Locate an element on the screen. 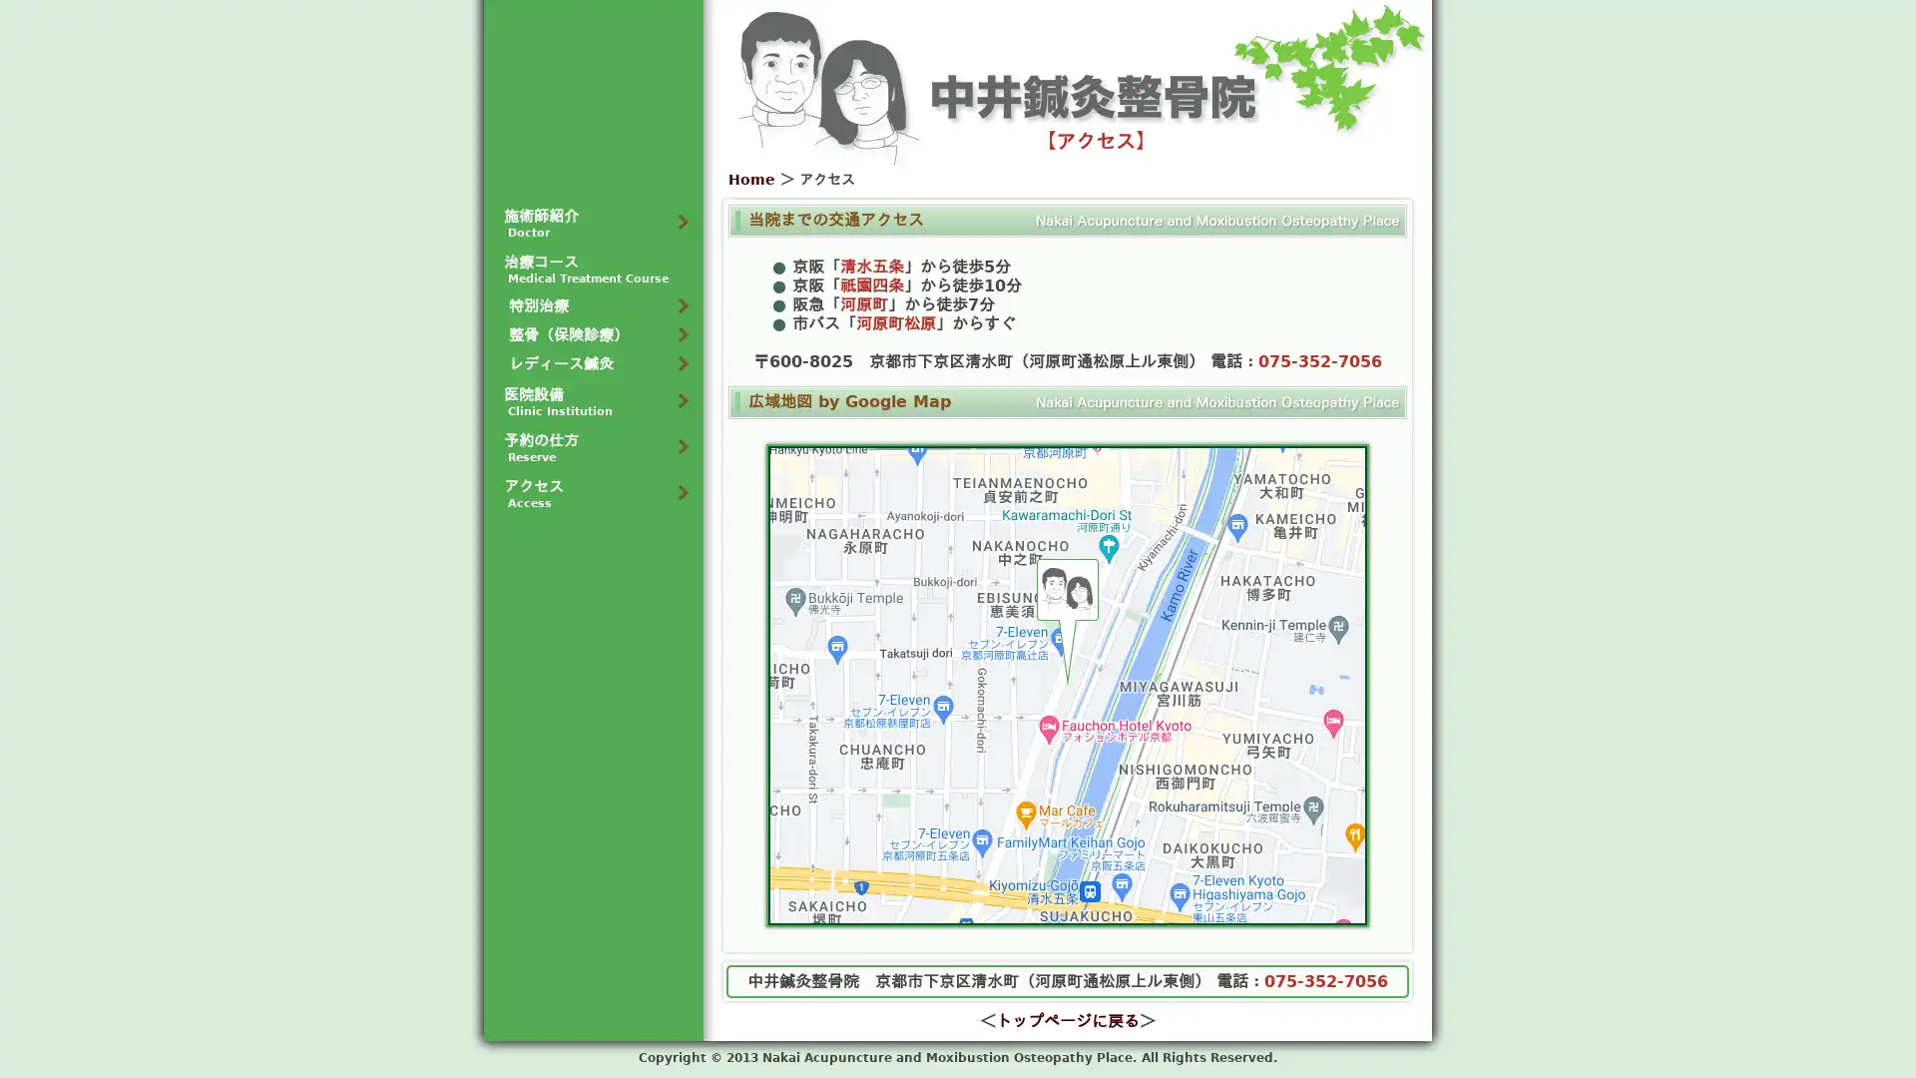  Toggle fullscreen view is located at coordinates (1335, 477).